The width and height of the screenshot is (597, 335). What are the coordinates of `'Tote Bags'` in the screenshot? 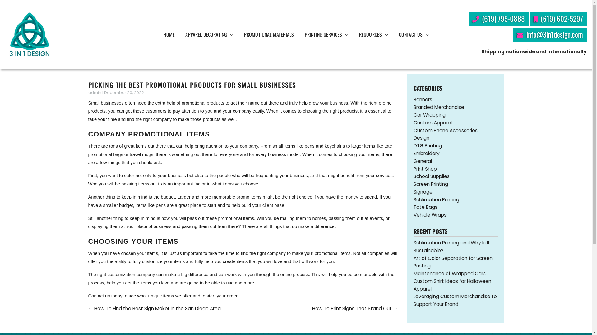 It's located at (425, 207).